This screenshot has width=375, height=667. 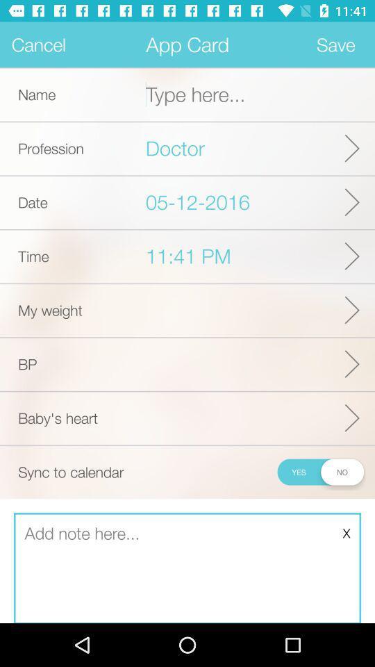 I want to click on sync option, so click(x=320, y=472).